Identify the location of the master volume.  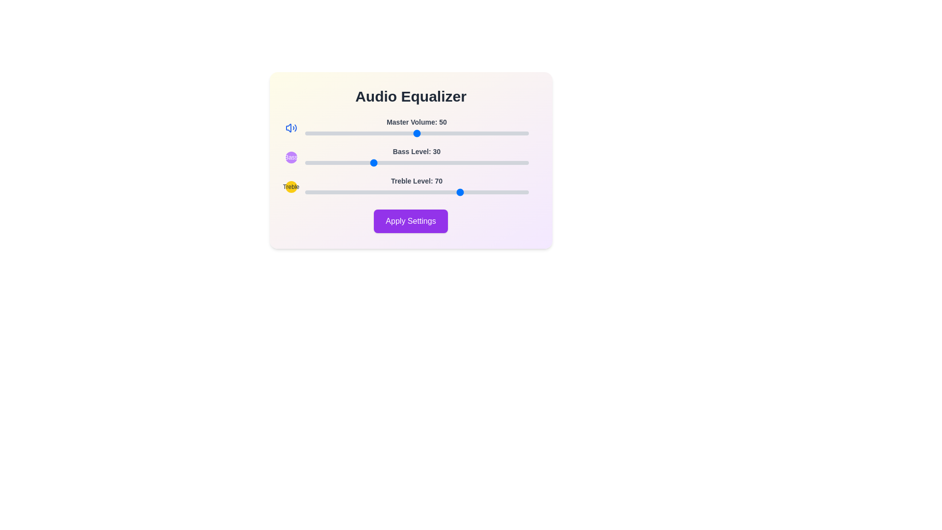
(501, 133).